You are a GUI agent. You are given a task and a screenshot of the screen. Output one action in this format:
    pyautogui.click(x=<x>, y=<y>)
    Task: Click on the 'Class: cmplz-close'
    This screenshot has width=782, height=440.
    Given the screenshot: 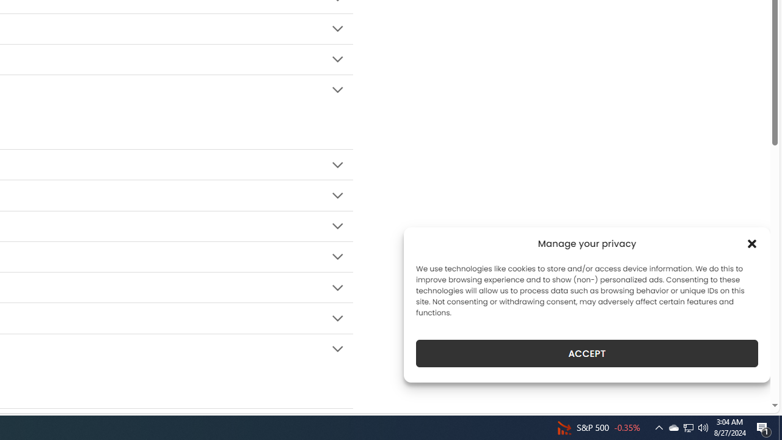 What is the action you would take?
    pyautogui.click(x=751, y=243)
    